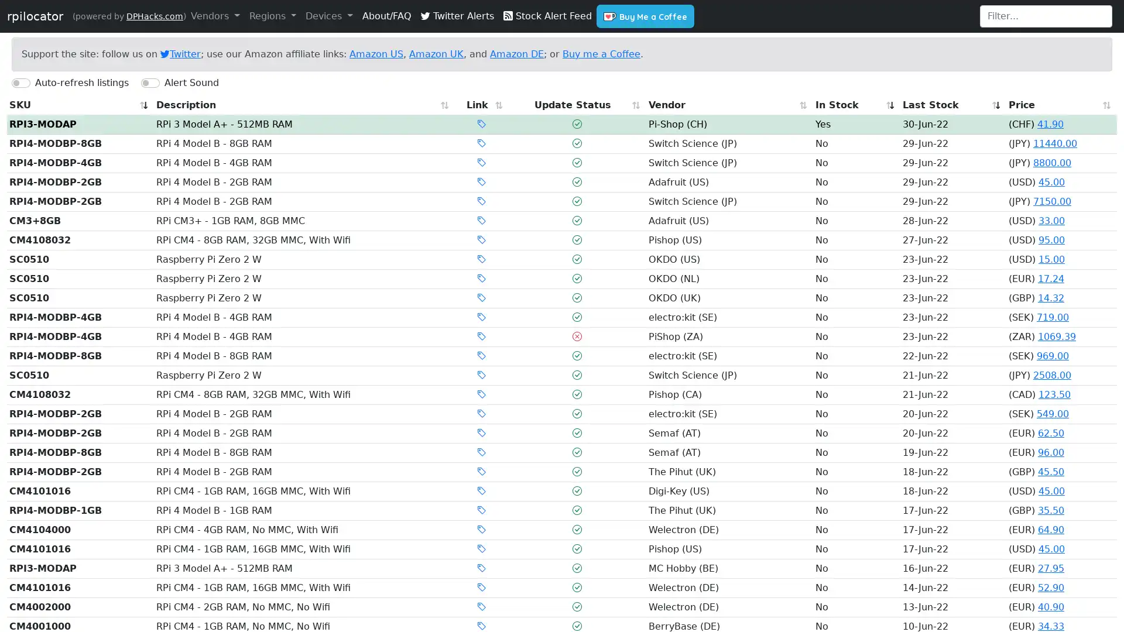  I want to click on Regions, so click(272, 16).